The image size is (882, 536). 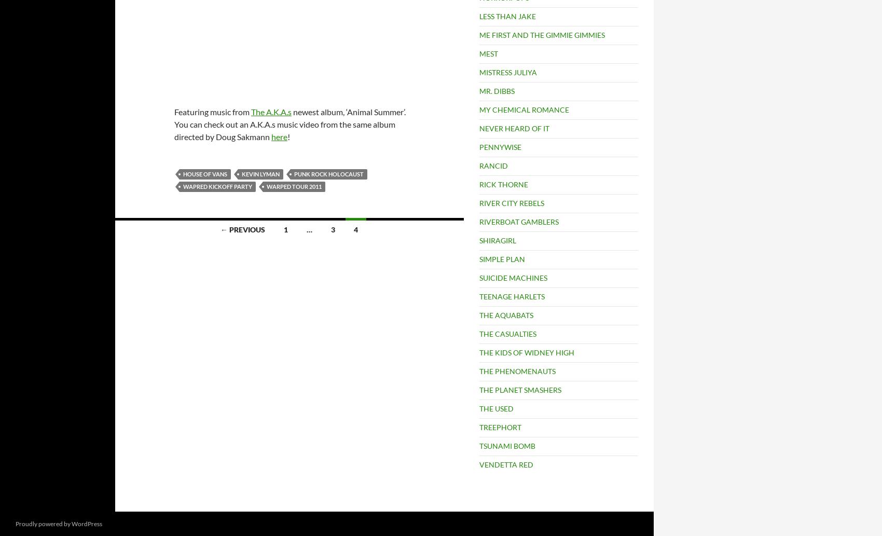 I want to click on 'The A.K.A.s', so click(x=271, y=111).